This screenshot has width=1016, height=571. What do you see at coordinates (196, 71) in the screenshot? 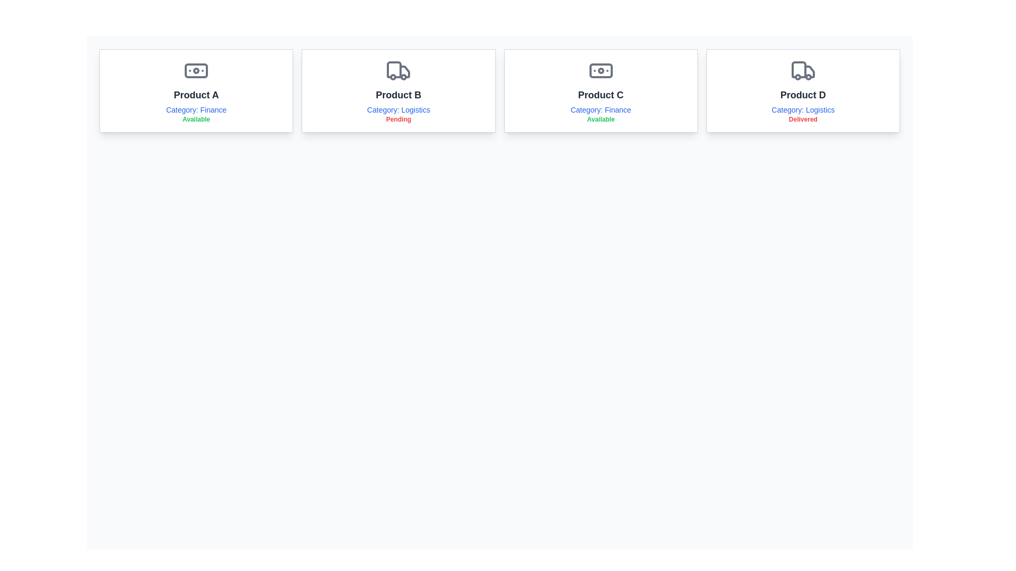
I see `the Decorative SVG shape that represents a banknote icon for 'Product A', located at the top-left of a four-item row` at bounding box center [196, 71].